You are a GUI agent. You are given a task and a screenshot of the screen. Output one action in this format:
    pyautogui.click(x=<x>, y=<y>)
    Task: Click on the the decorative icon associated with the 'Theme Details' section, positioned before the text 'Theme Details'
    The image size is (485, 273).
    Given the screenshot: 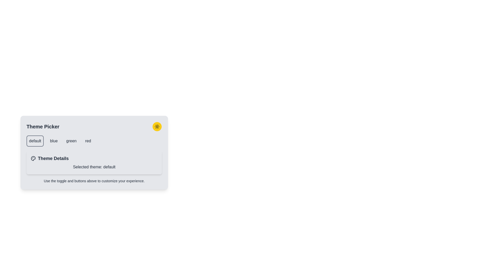 What is the action you would take?
    pyautogui.click(x=33, y=158)
    